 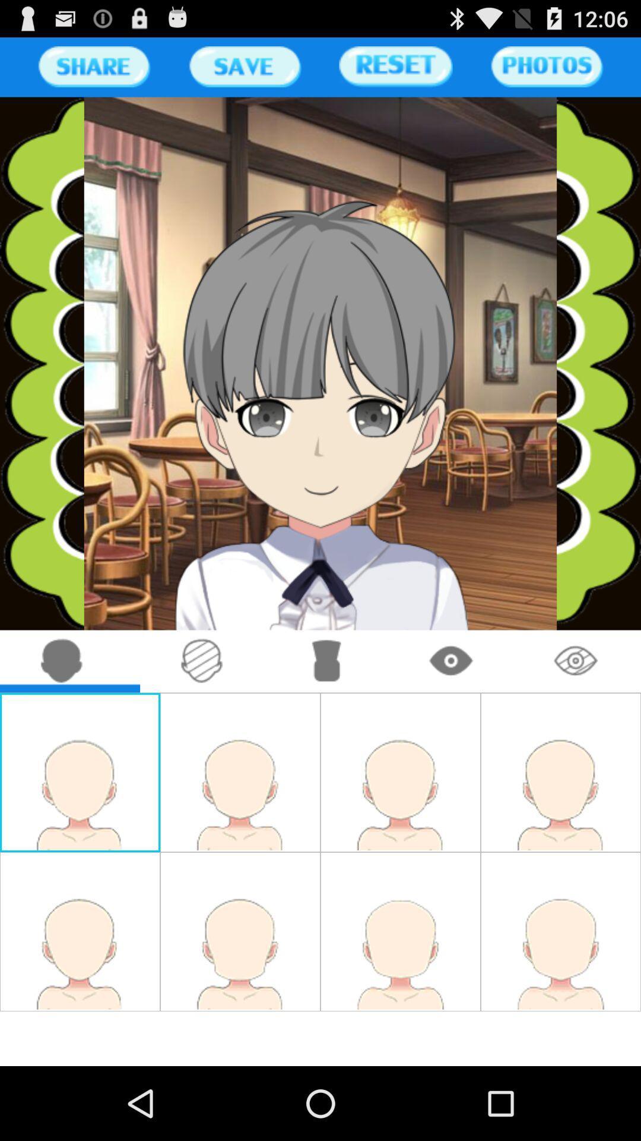 I want to click on button, so click(x=244, y=66).